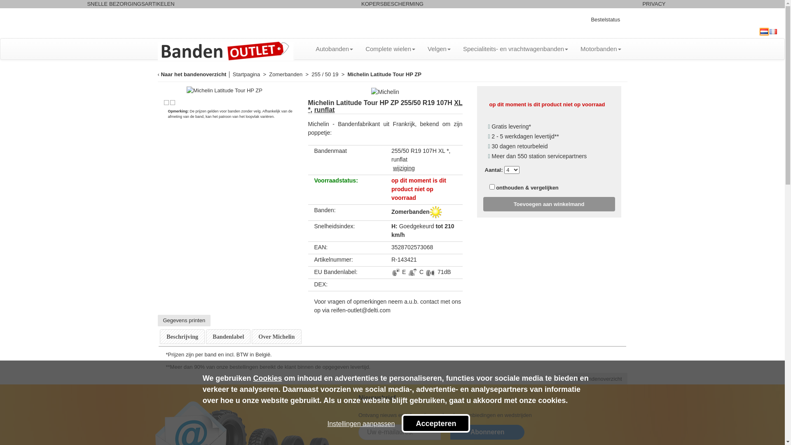 This screenshot has height=445, width=791. I want to click on 'Startpagina', so click(246, 73).